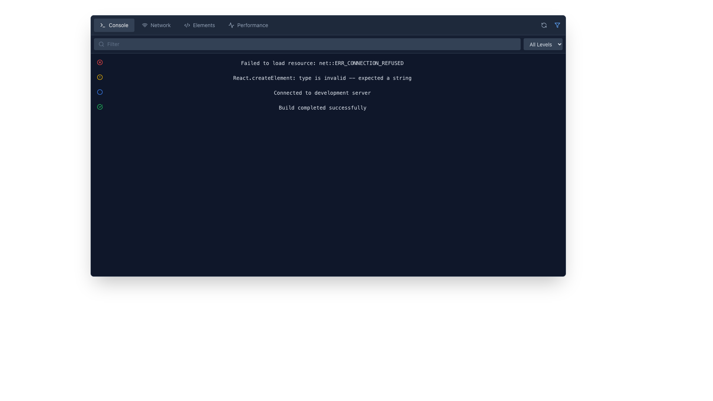 This screenshot has width=713, height=401. I want to click on the text label in the header navigation that serves as a label for accessing network-related functionalities, located to the right of the Wi-Fi icon, so click(160, 25).